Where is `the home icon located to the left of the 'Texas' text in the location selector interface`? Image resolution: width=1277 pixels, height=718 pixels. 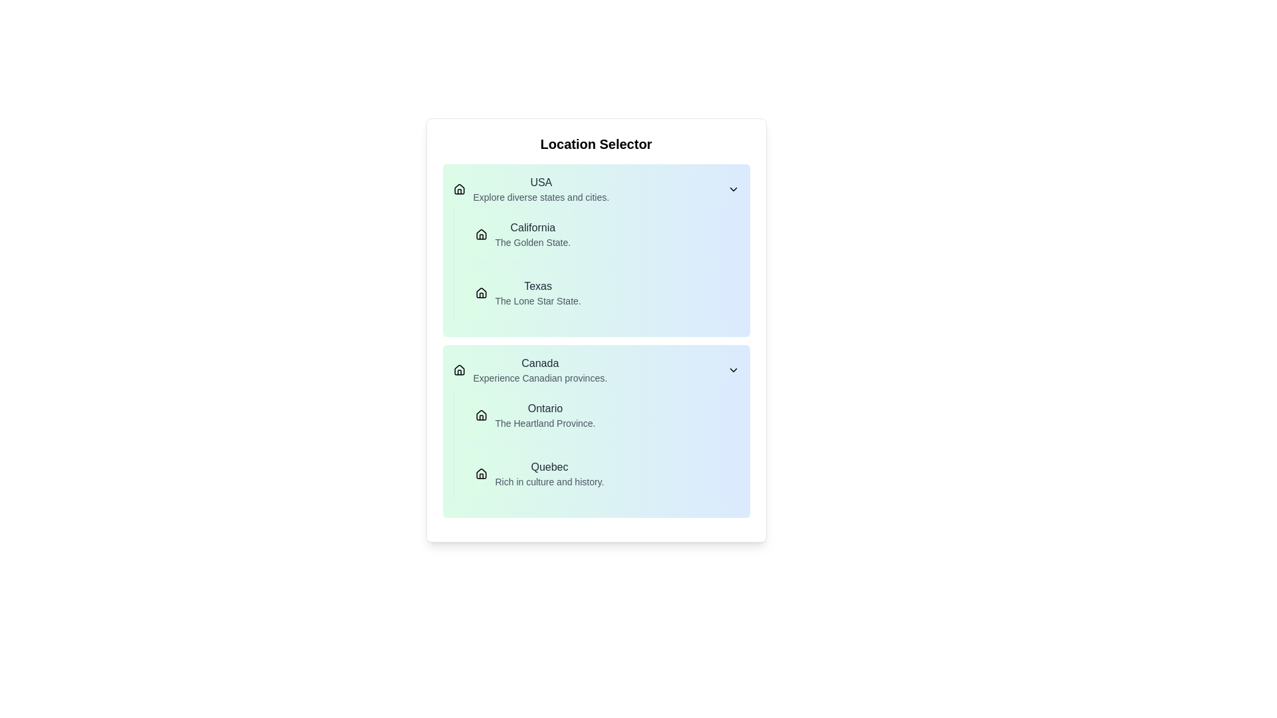 the home icon located to the left of the 'Texas' text in the location selector interface is located at coordinates (480, 292).